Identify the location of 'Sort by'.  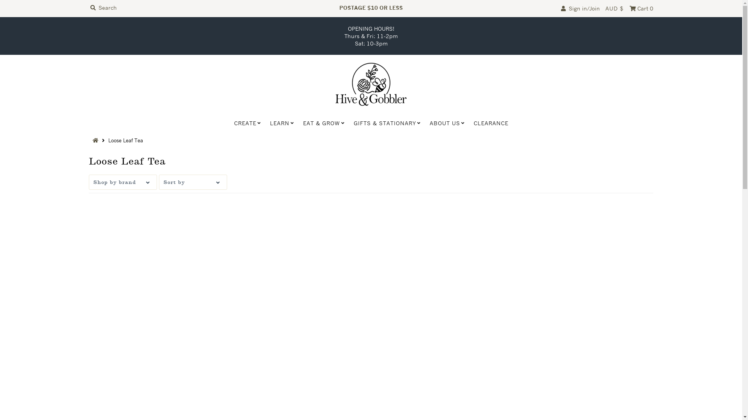
(193, 182).